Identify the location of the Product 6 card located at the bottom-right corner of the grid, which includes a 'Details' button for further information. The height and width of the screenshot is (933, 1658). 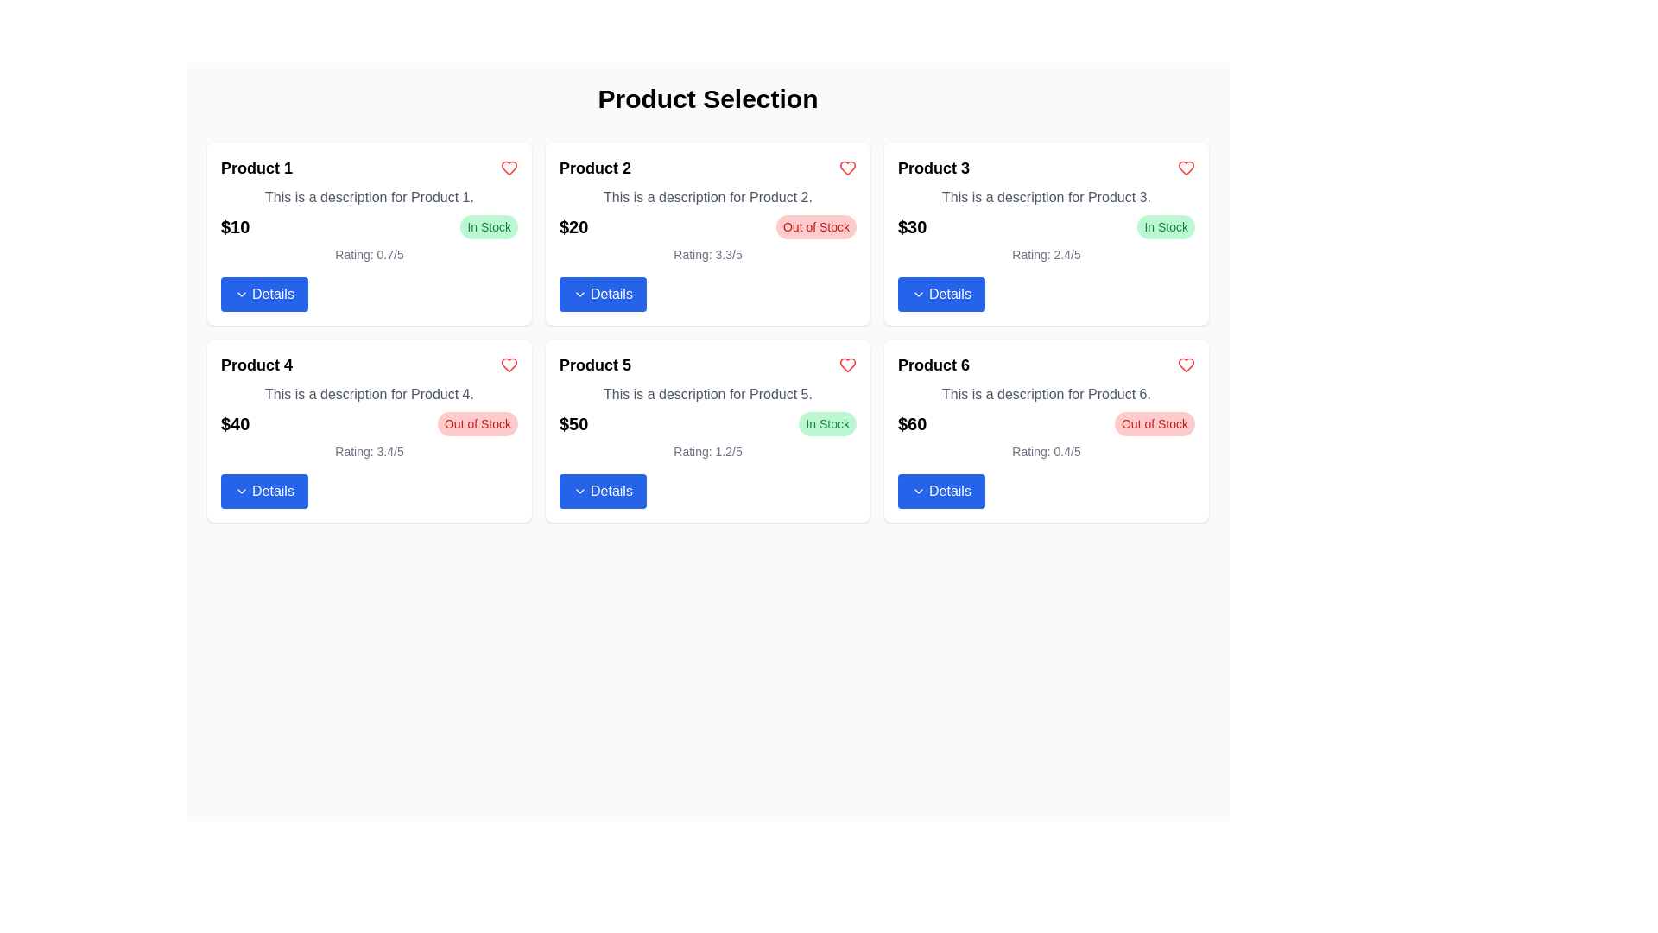
(1045, 429).